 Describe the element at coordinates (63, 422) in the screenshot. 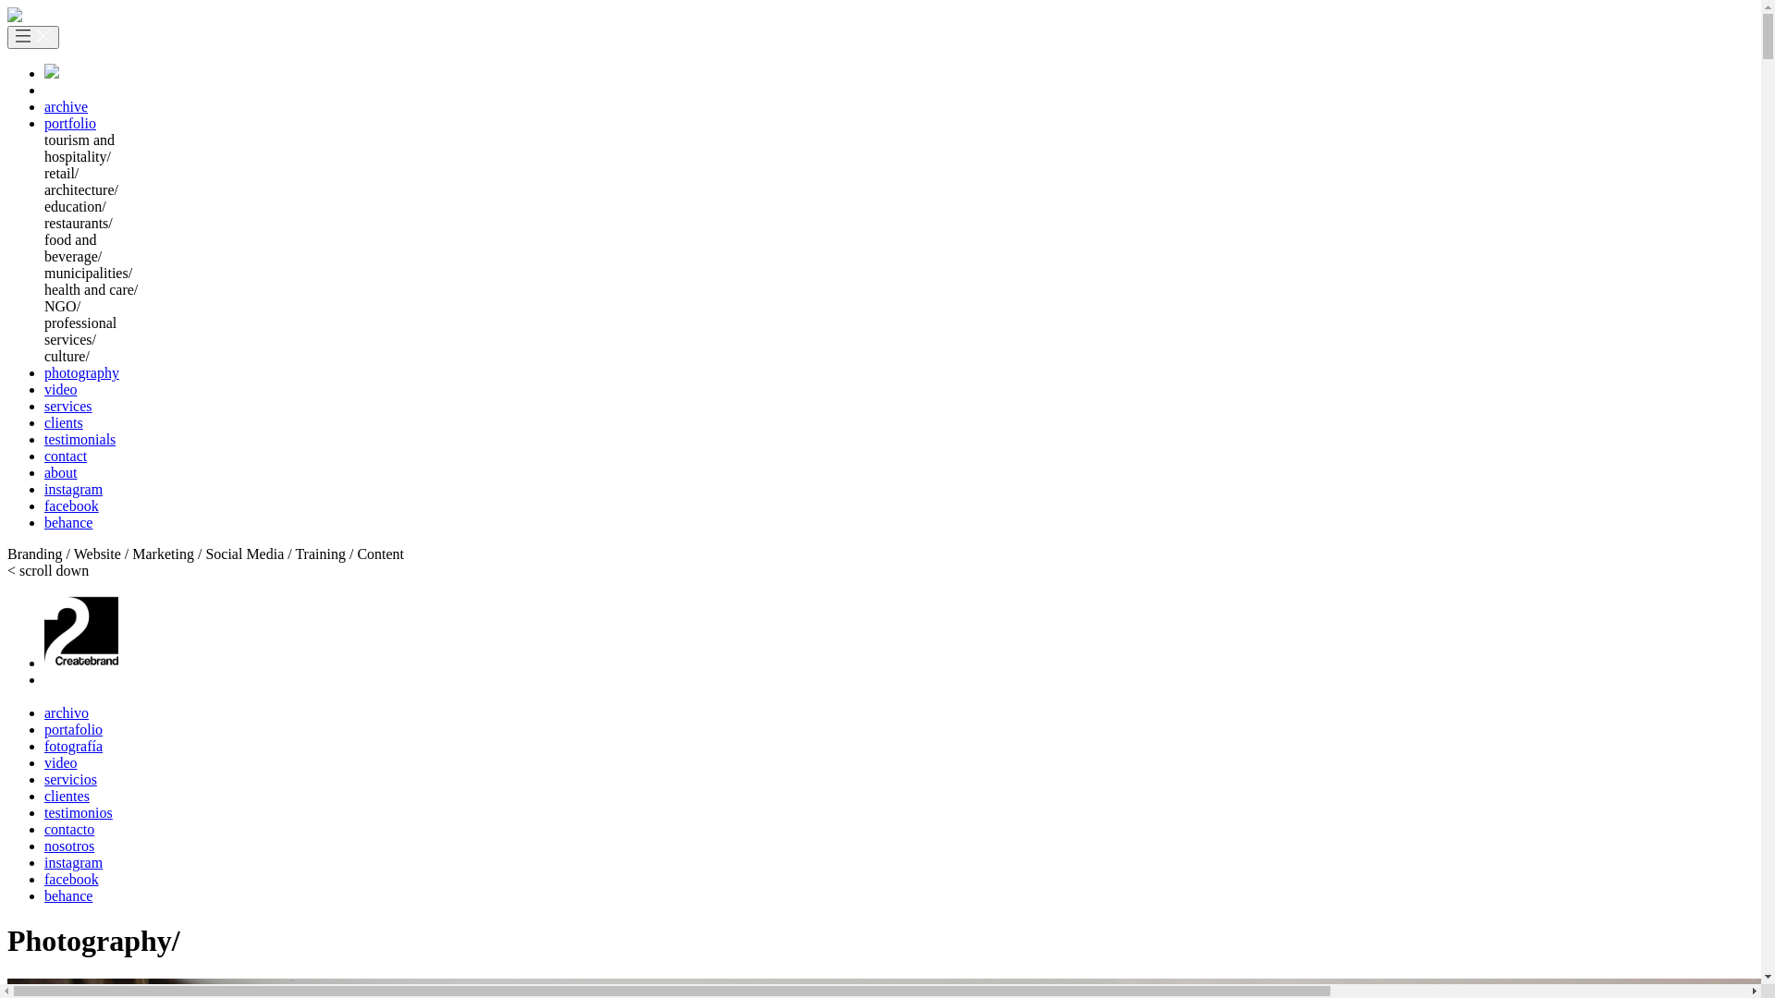

I see `'clients'` at that location.